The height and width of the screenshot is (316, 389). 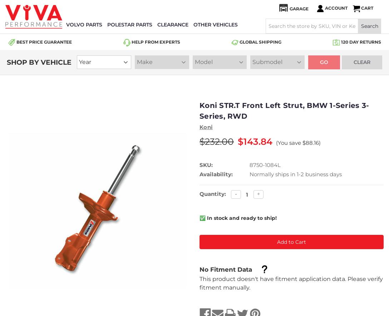 I want to click on 'SKU:', so click(x=206, y=164).